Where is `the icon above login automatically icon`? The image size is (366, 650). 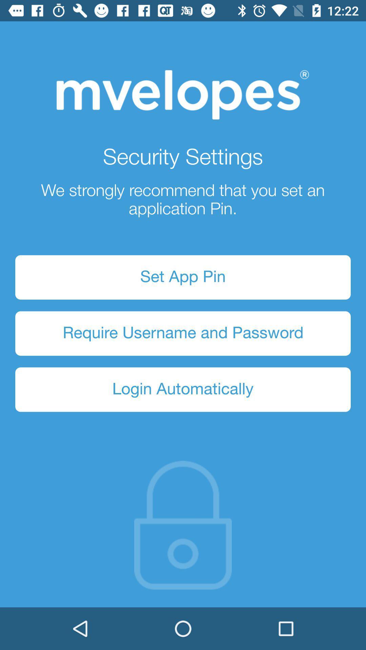 the icon above login automatically icon is located at coordinates (183, 333).